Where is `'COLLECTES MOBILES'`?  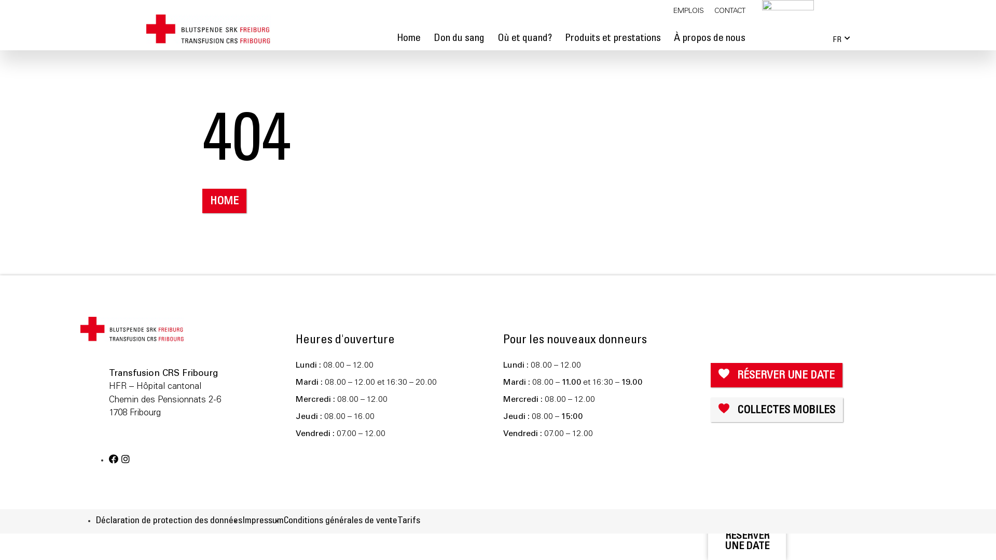 'COLLECTES MOBILES' is located at coordinates (777, 409).